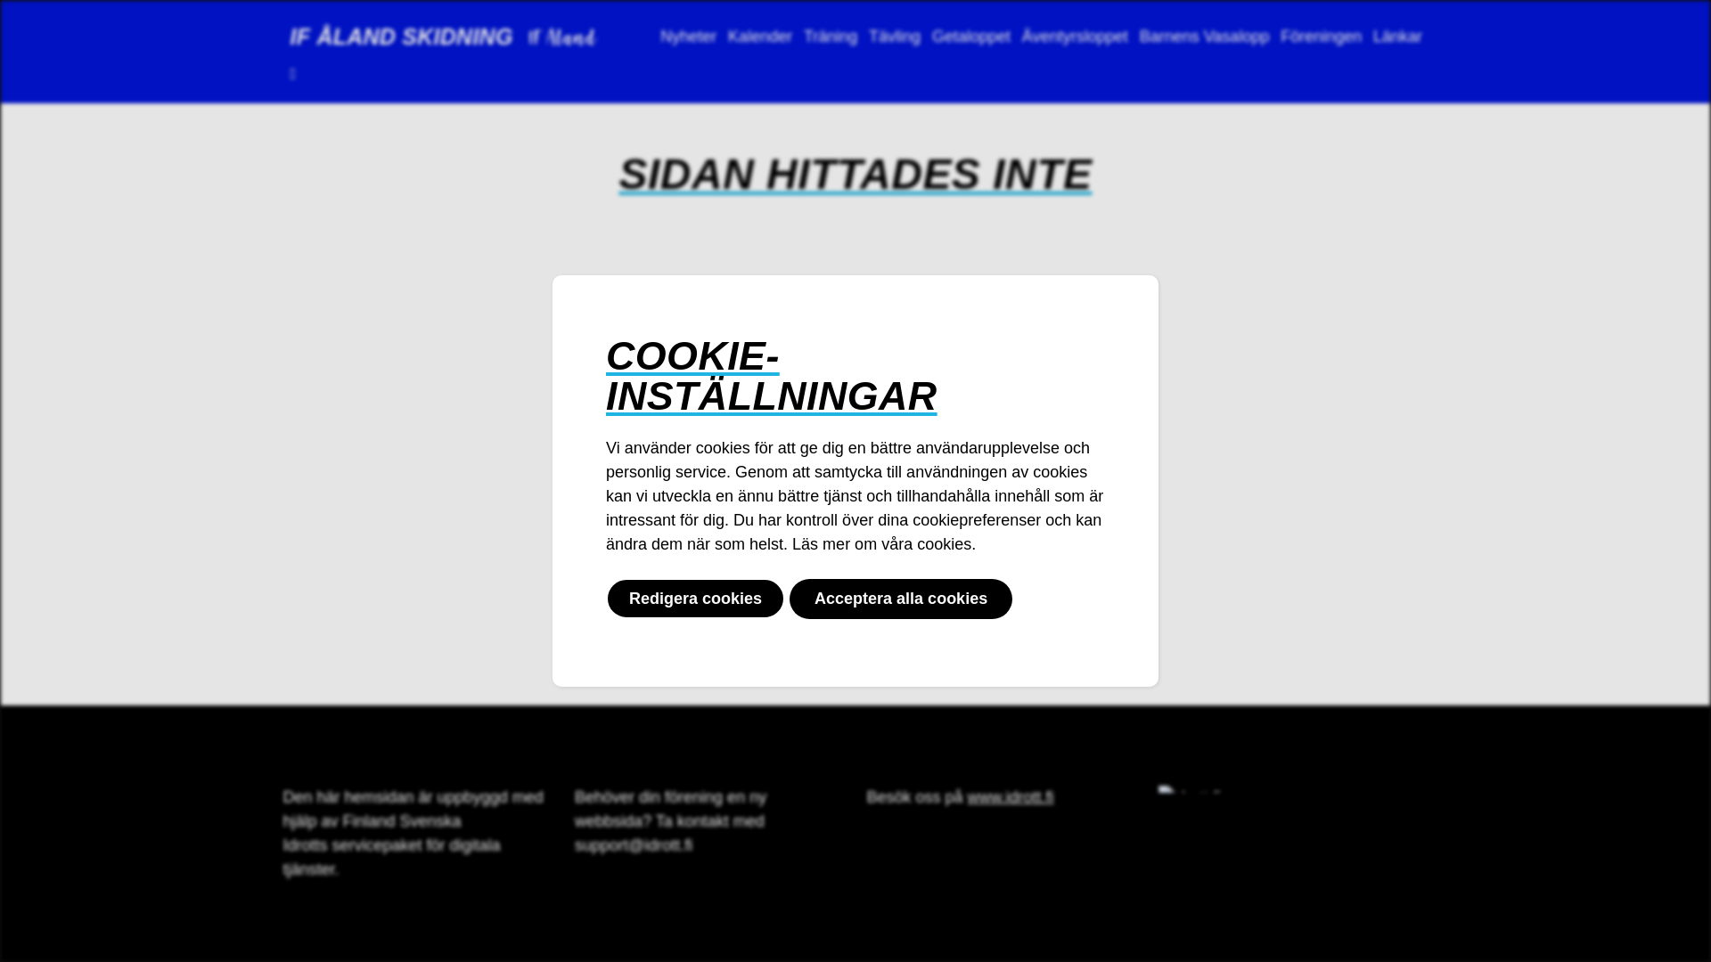  Describe the element at coordinates (1011, 795) in the screenshot. I see `'www.idrott.fi'` at that location.